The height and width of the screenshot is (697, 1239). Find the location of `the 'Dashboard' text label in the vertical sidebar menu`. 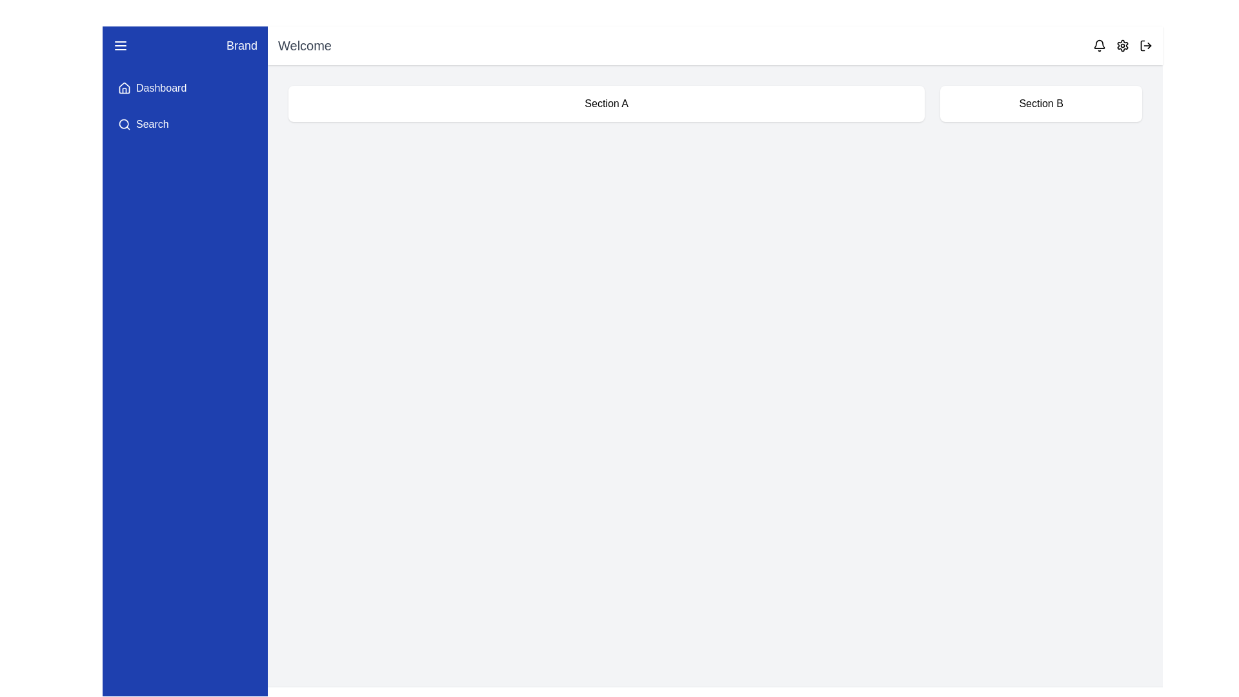

the 'Dashboard' text label in the vertical sidebar menu is located at coordinates (161, 88).